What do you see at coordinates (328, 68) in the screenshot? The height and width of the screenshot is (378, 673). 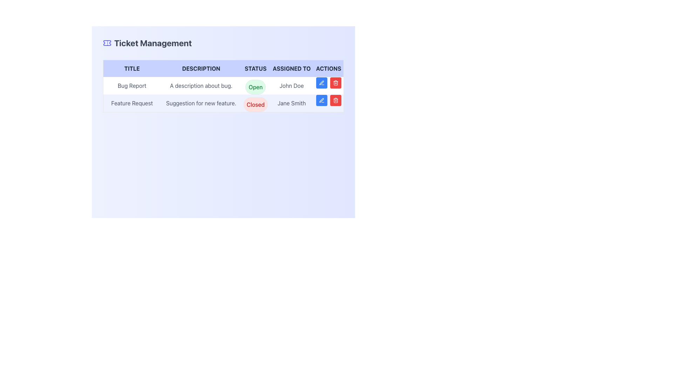 I see `the 'Actions' text label, which is bold, capitalized, and located at the far right of the header row in the table` at bounding box center [328, 68].